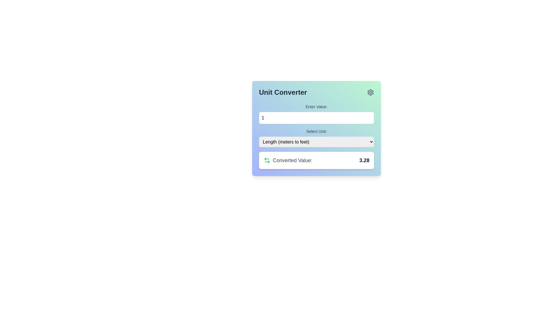 The image size is (552, 310). Describe the element at coordinates (316, 106) in the screenshot. I see `the text label that serves as a description for the input field in the unit conversion interface, positioned at the top section above the number input field` at that location.